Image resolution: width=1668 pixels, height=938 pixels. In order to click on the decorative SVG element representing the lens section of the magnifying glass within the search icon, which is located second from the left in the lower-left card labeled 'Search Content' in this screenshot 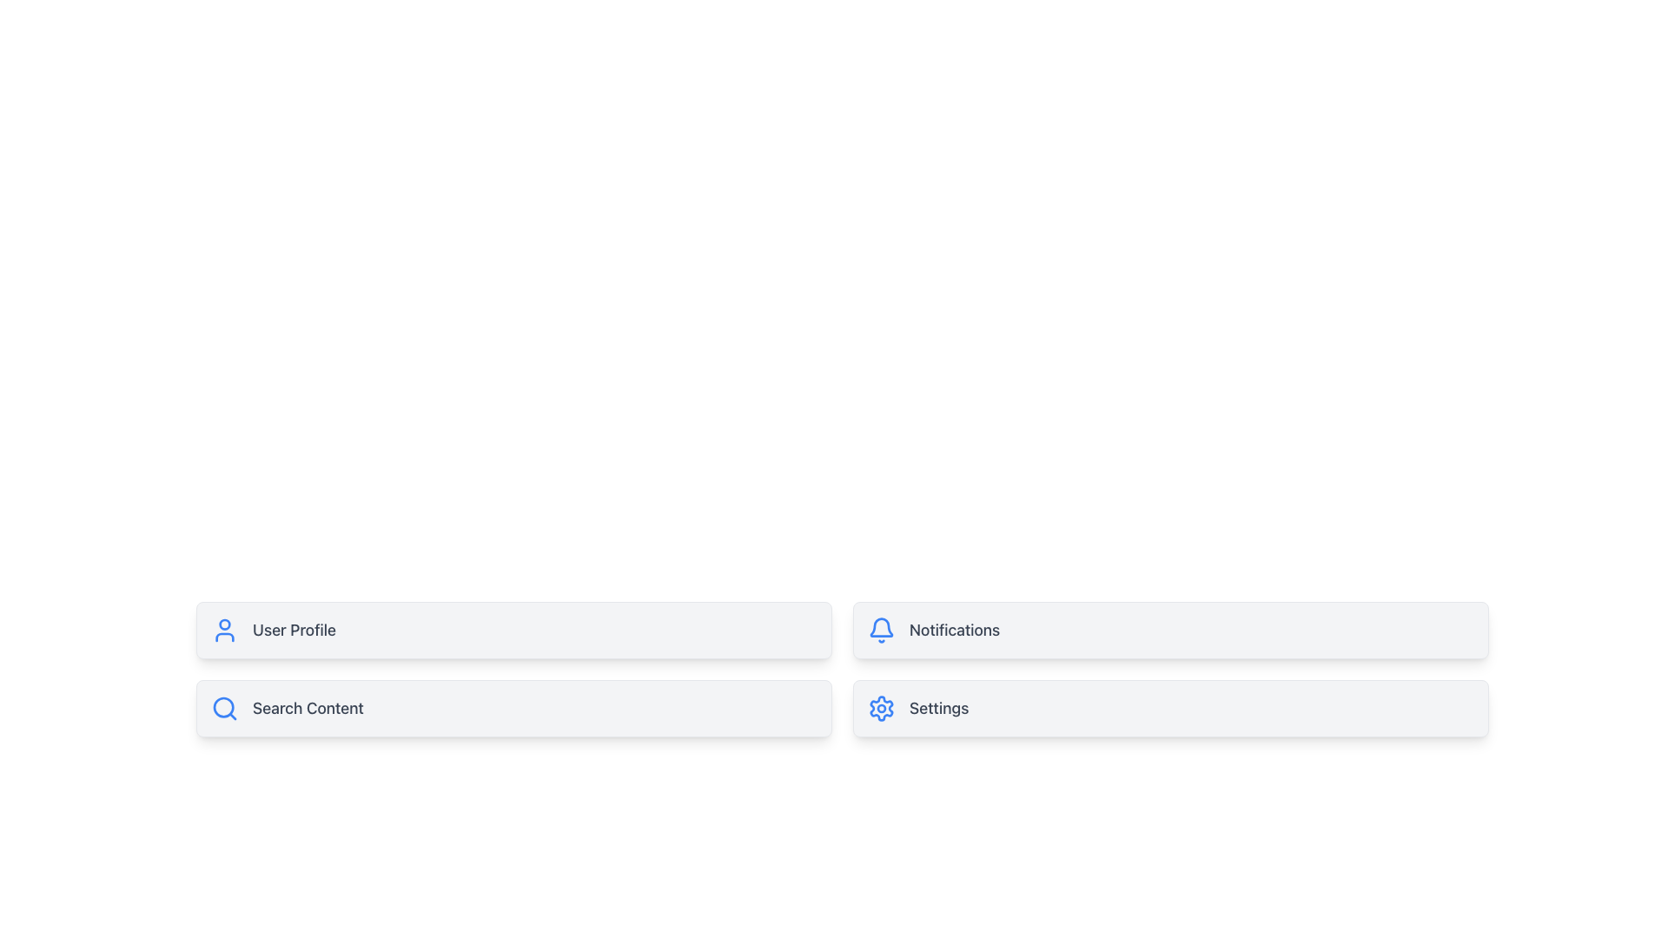, I will do `click(222, 707)`.